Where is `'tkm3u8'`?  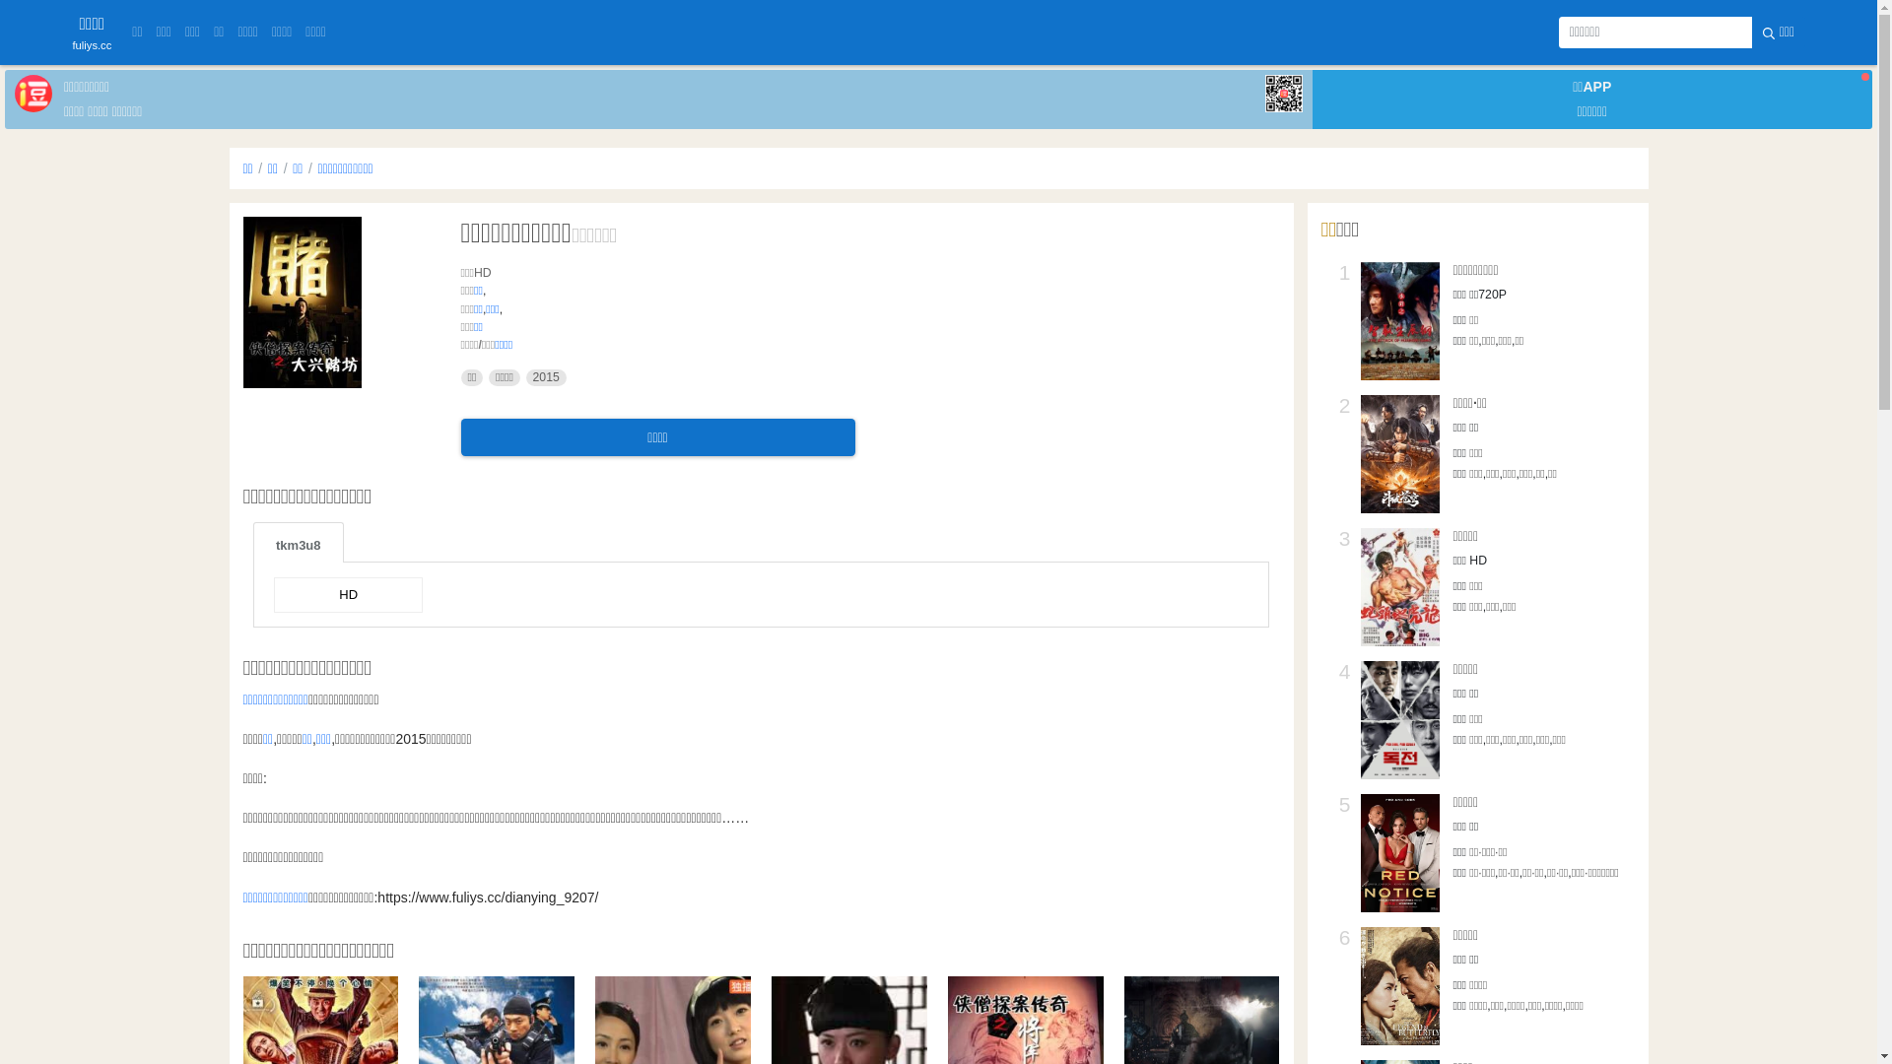 'tkm3u8' is located at coordinates (297, 542).